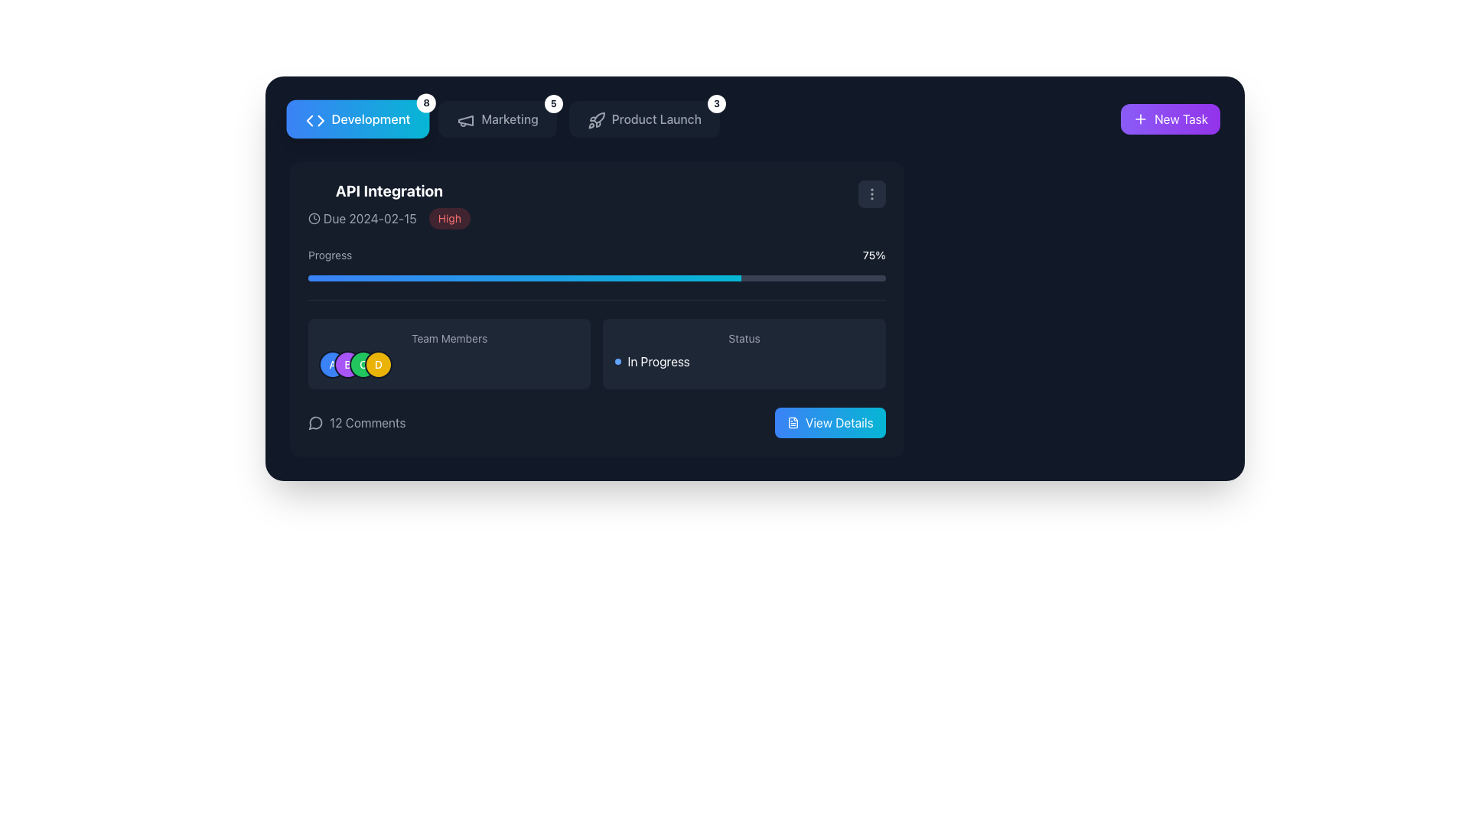 This screenshot has height=826, width=1469. I want to click on the pill-shaped label with a red background that displays the word 'High' in red text, located at the top-right corner of the task overview box titled 'API Integration', so click(448, 218).